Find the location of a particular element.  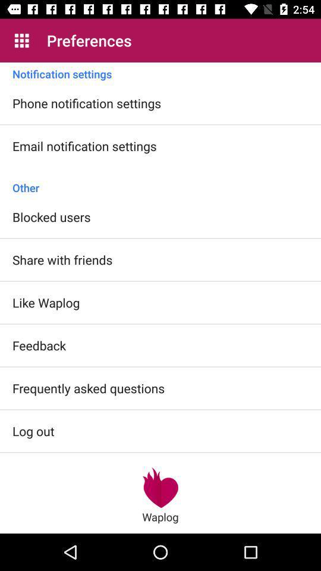

item above notification settings item is located at coordinates (21, 40).